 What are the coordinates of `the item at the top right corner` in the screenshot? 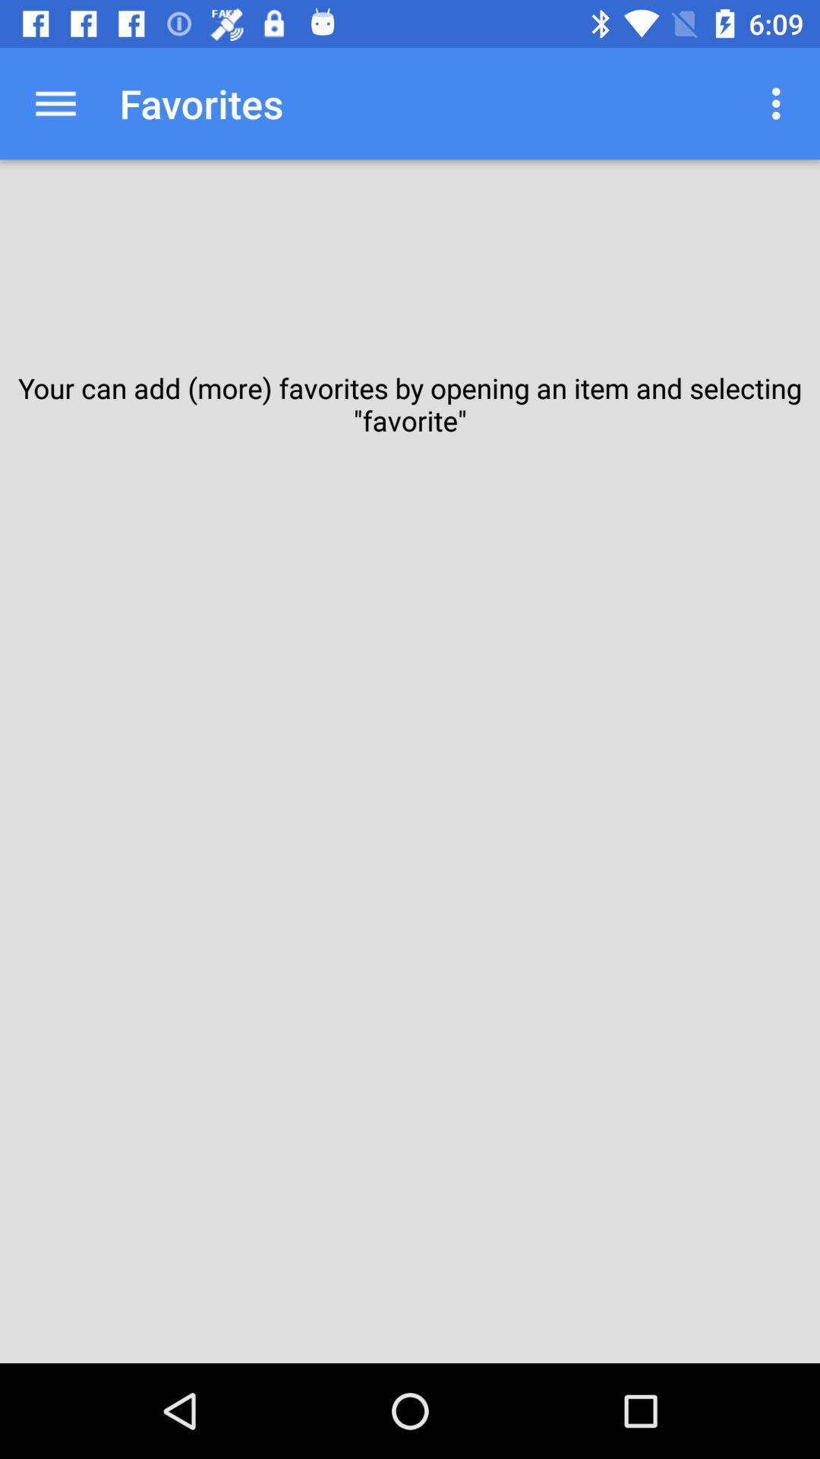 It's located at (780, 103).